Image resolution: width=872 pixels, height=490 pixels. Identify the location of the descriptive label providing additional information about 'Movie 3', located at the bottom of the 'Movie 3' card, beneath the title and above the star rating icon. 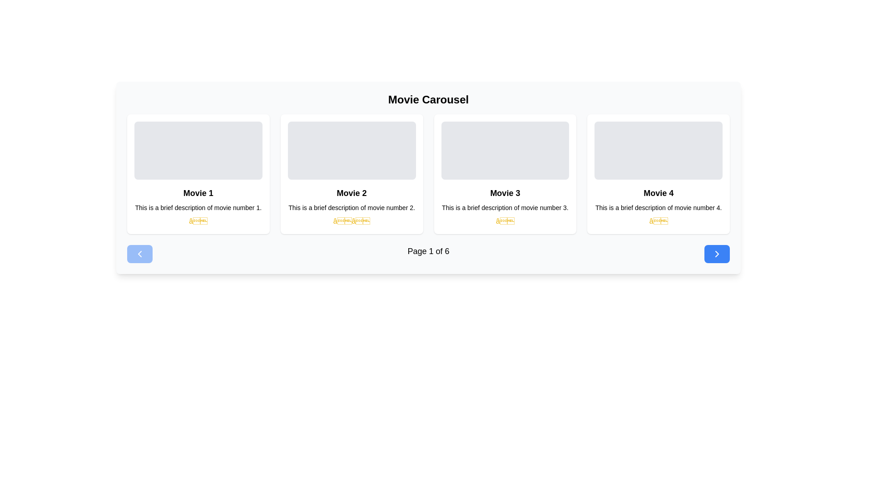
(505, 208).